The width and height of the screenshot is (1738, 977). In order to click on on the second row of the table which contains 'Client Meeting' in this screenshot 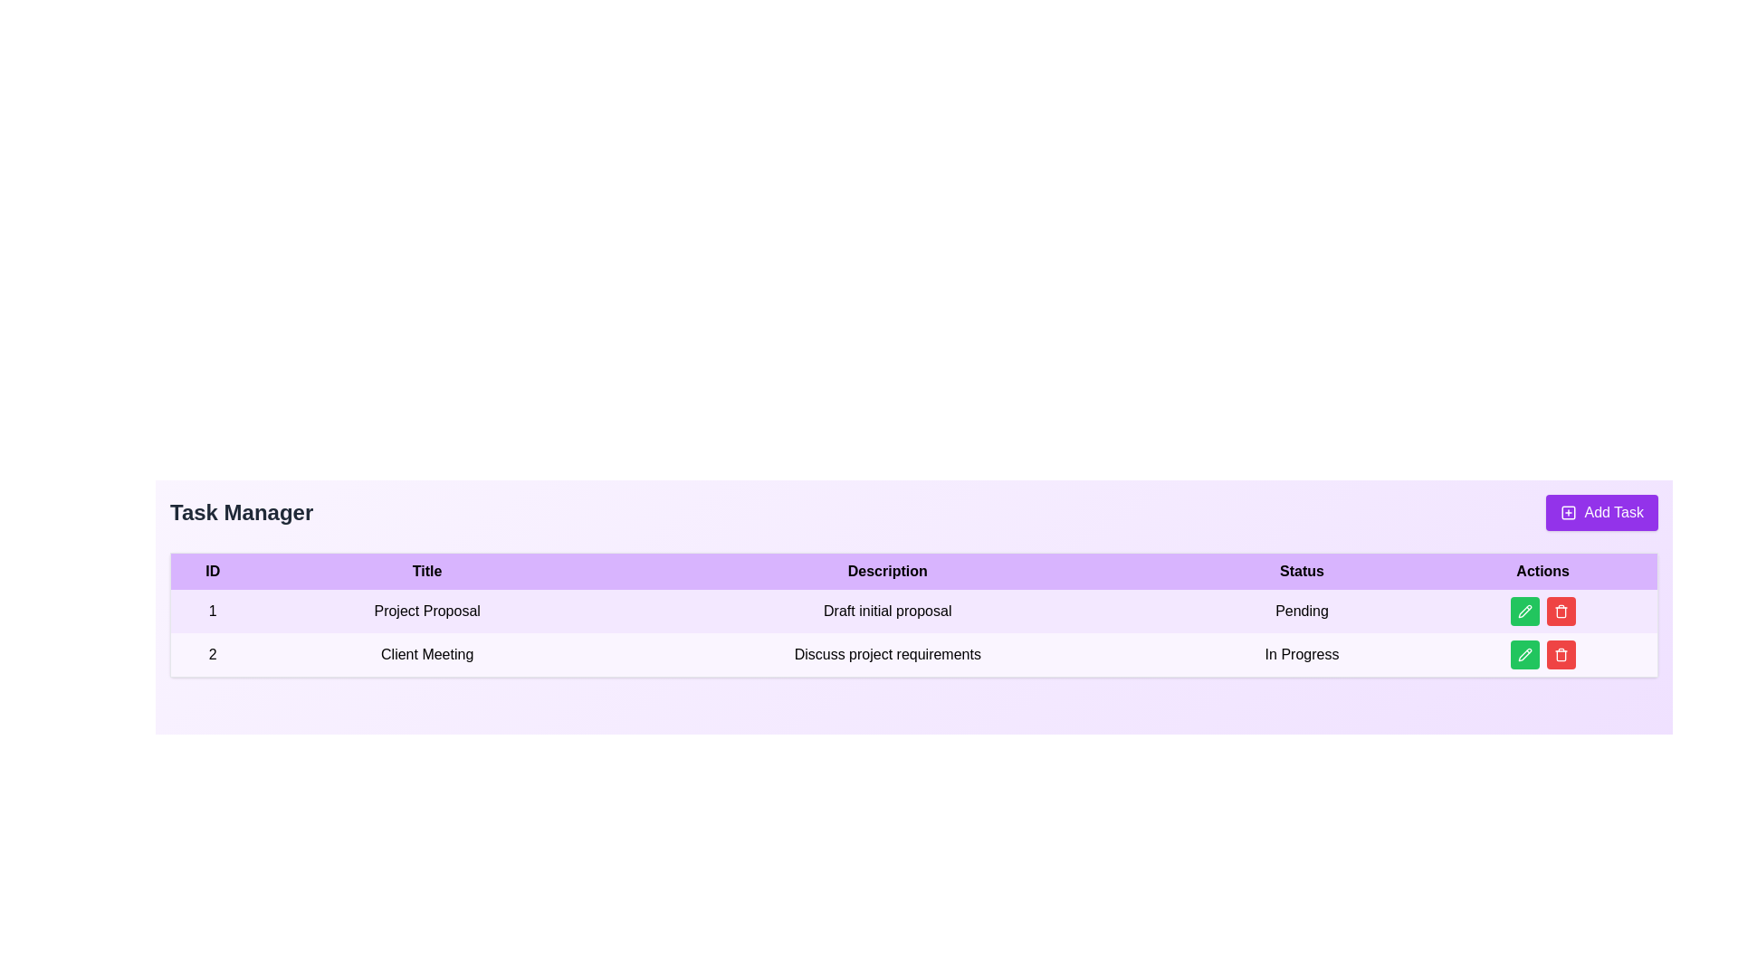, I will do `click(913, 655)`.